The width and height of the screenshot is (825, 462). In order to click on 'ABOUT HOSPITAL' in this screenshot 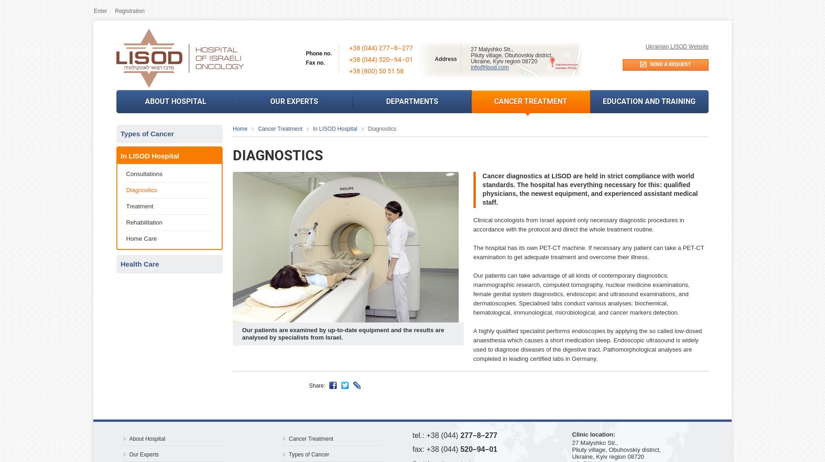, I will do `click(175, 100)`.